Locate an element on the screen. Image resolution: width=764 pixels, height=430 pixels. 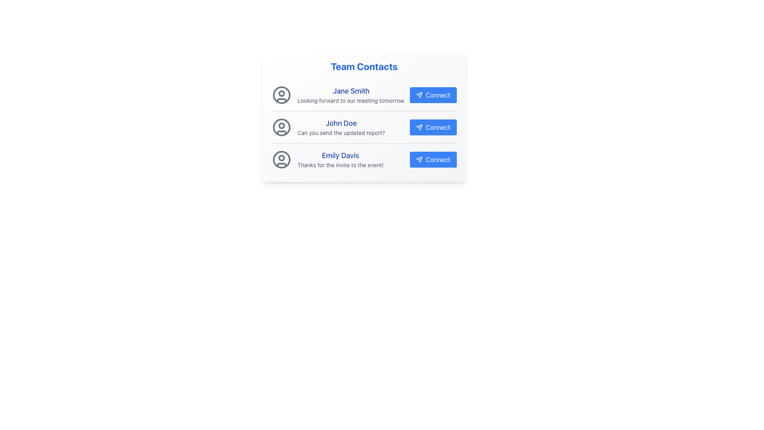
the area of the Text Display showing 'Emily Davis' and the message 'Thanks for the invite to the event!' to inspect it is located at coordinates (340, 160).